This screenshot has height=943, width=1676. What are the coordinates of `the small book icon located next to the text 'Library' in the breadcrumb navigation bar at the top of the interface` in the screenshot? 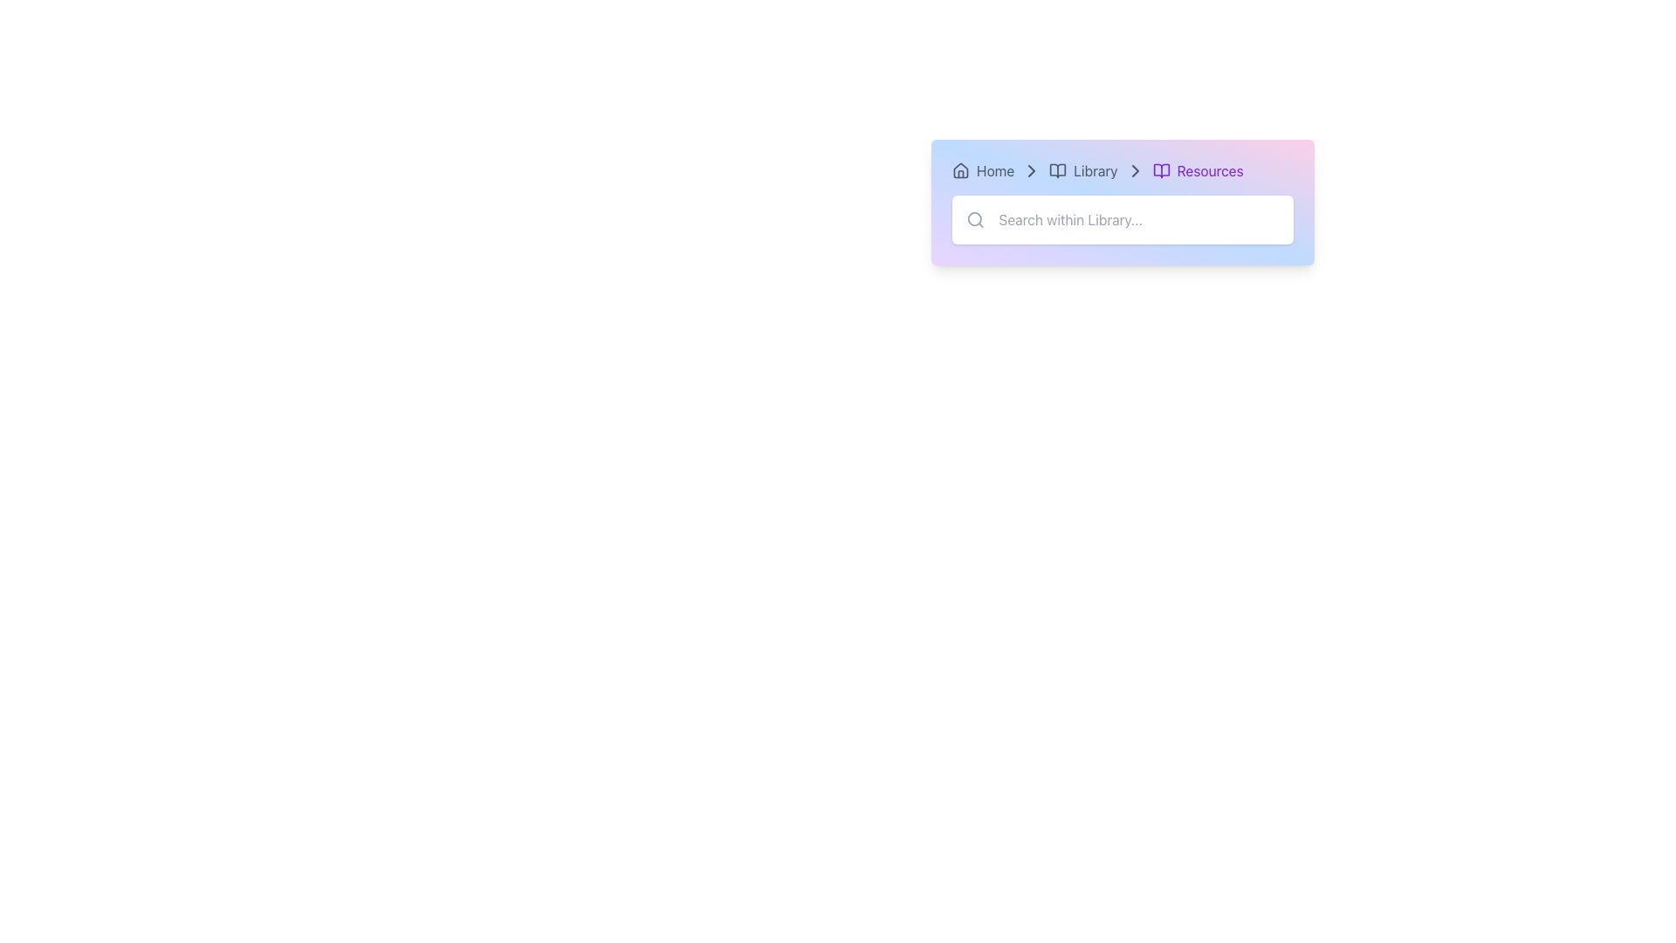 It's located at (1057, 171).